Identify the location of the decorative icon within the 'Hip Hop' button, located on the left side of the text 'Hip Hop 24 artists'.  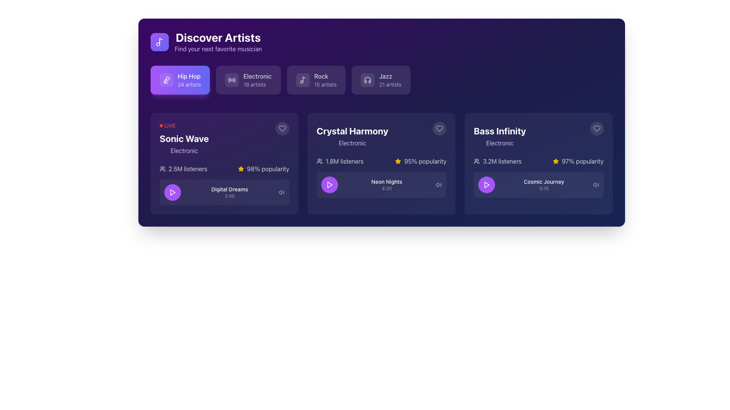
(166, 80).